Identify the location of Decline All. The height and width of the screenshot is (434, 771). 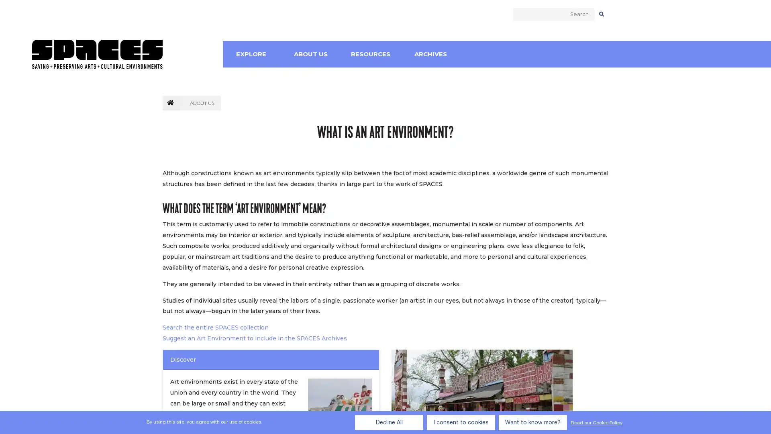
(389, 422).